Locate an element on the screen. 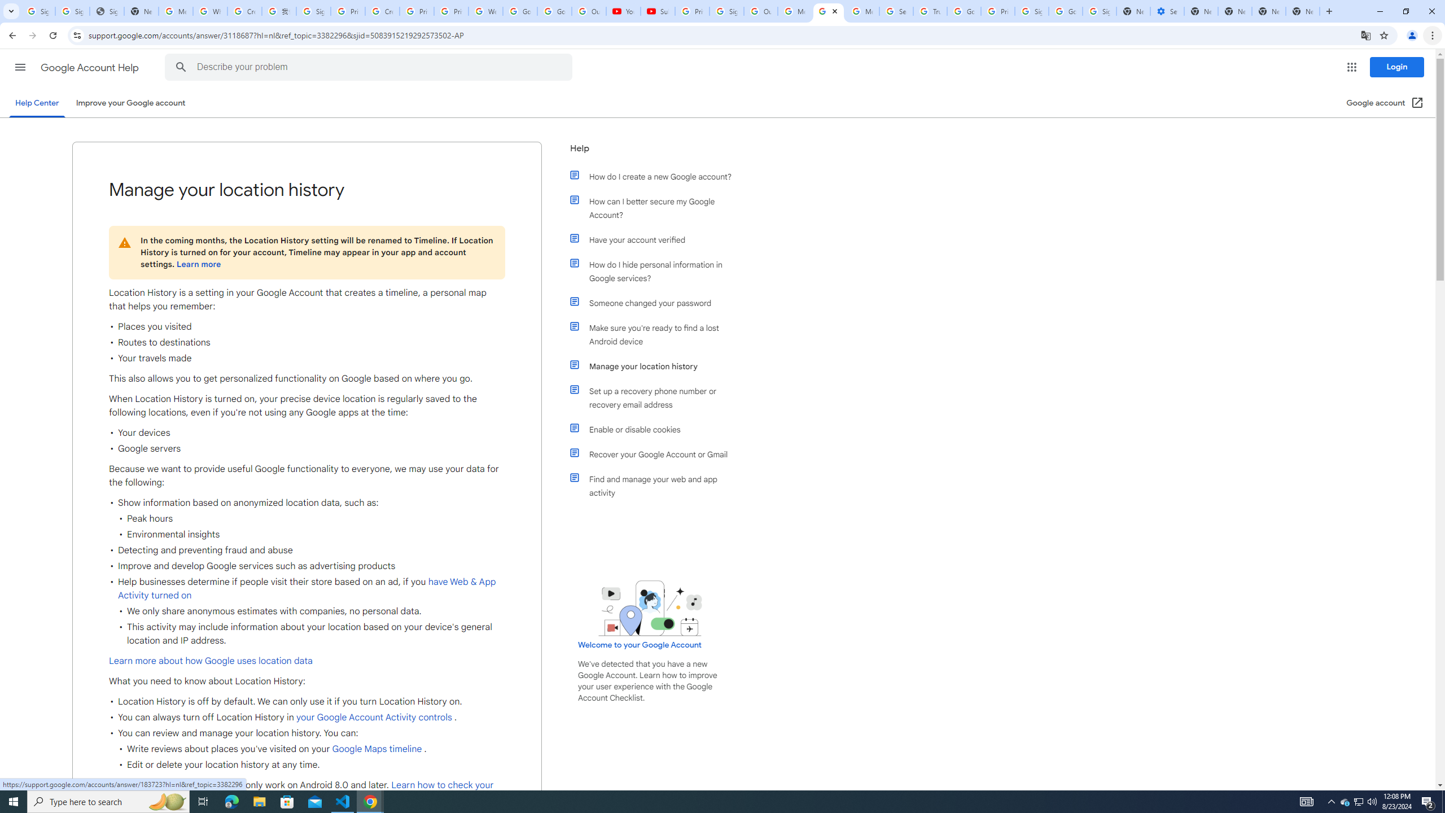 This screenshot has height=813, width=1445. 'Subscriptions - YouTube' is located at coordinates (658, 11).